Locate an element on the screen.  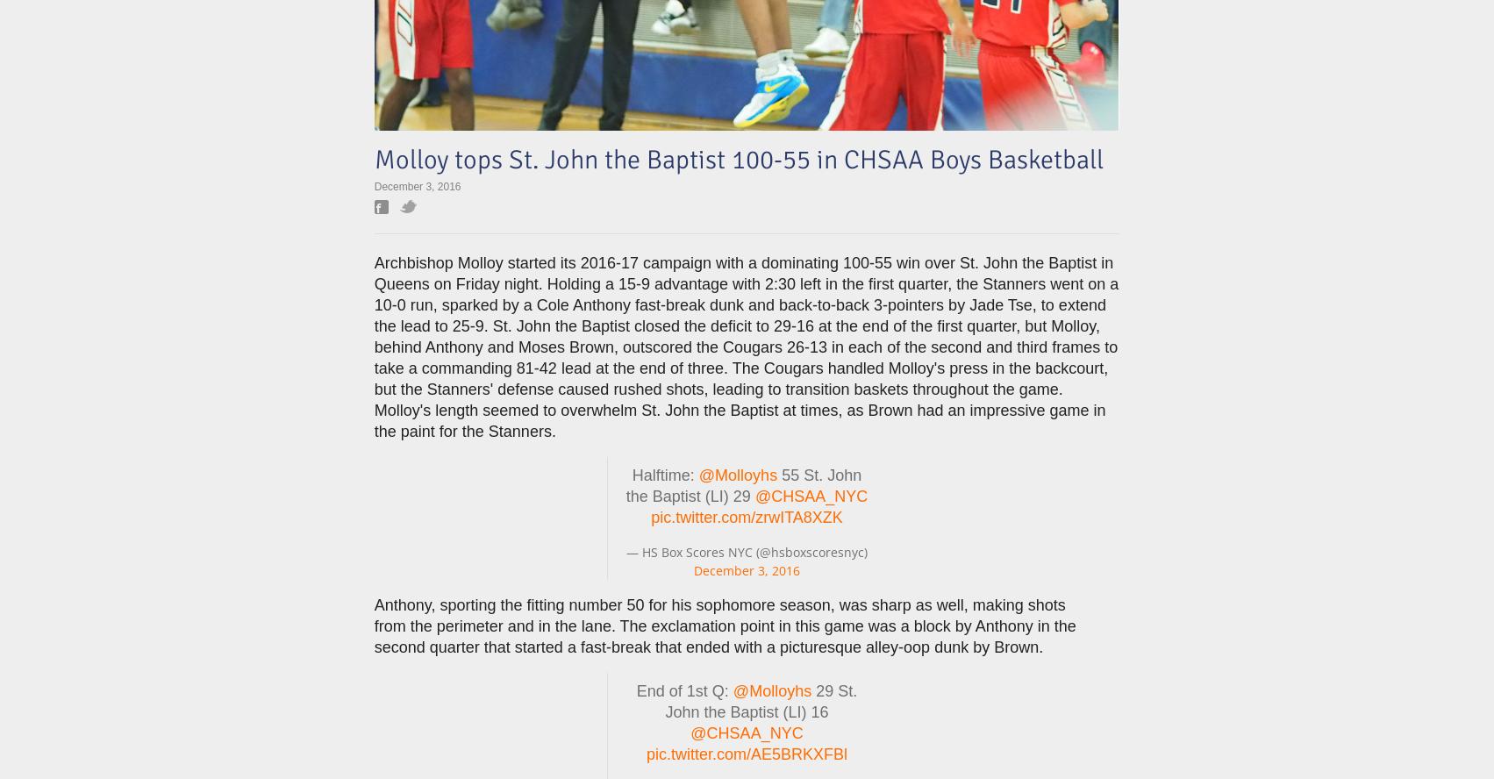
'— HS Box Scores NYC (@hsboxscoresnyc)' is located at coordinates (747, 551).